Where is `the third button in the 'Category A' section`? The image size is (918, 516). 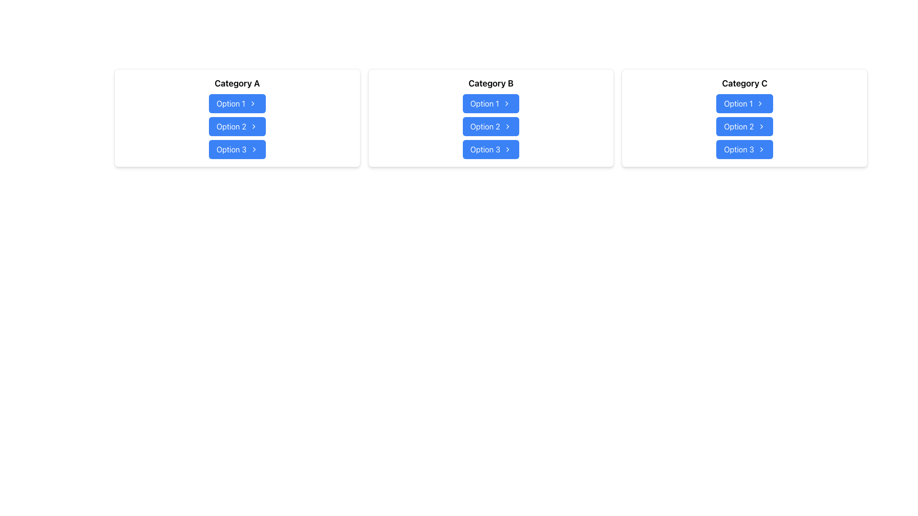 the third button in the 'Category A' section is located at coordinates (237, 149).